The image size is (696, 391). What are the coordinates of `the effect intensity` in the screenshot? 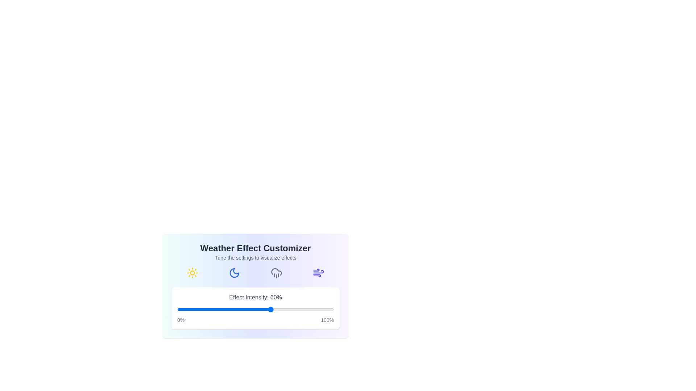 It's located at (293, 310).